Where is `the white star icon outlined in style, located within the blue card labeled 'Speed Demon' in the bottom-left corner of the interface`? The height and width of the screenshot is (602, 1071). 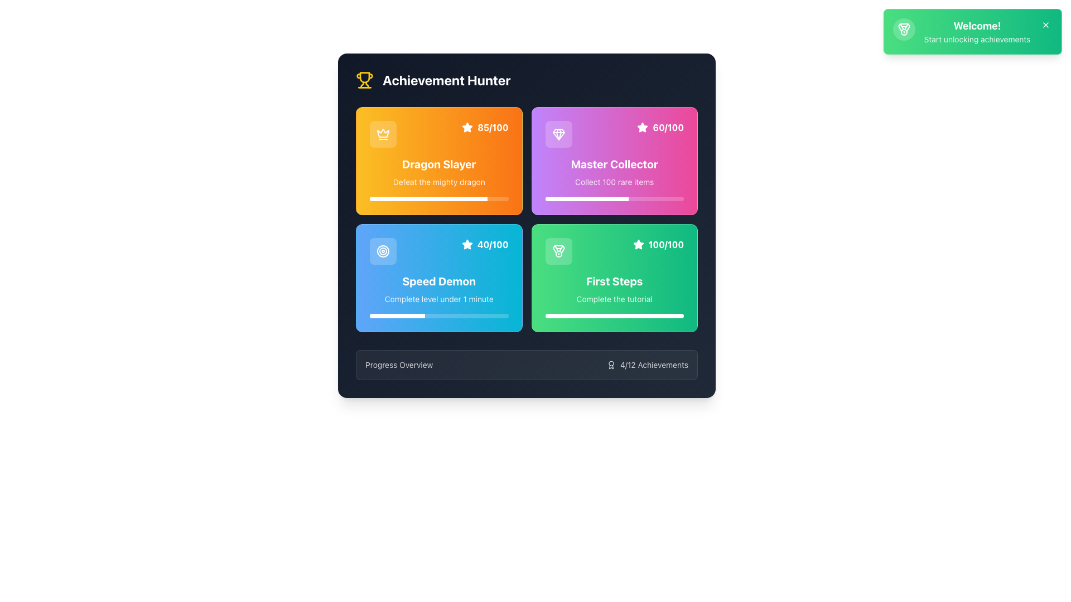 the white star icon outlined in style, located within the blue card labeled 'Speed Demon' in the bottom-left corner of the interface is located at coordinates (467, 244).